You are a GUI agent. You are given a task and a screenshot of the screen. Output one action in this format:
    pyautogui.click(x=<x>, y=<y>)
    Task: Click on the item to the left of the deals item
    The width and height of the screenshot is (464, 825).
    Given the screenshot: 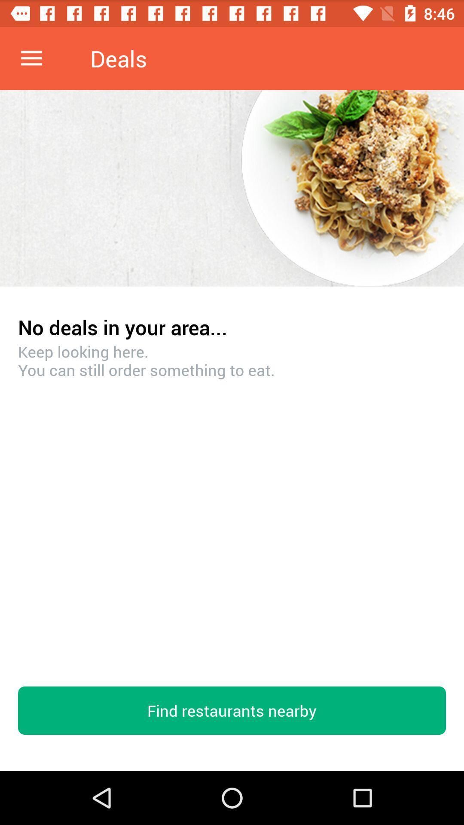 What is the action you would take?
    pyautogui.click(x=31, y=58)
    